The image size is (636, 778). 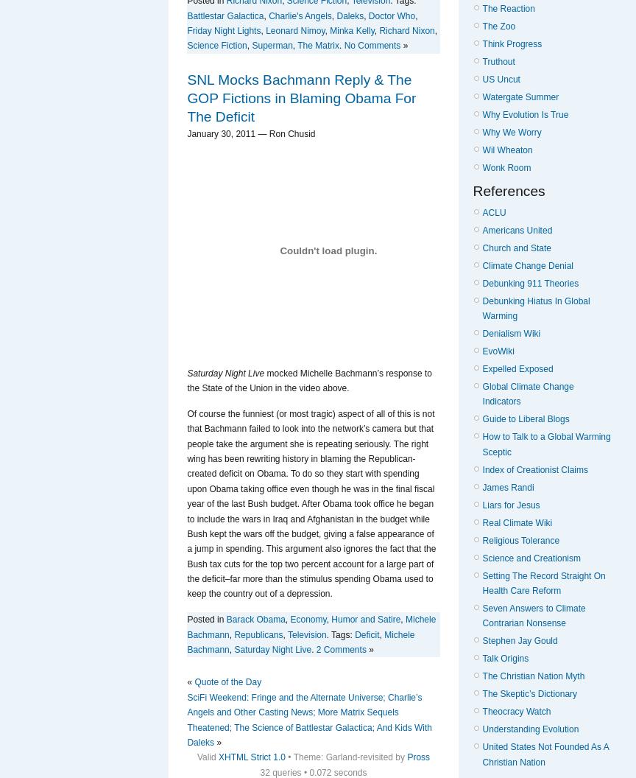 I want to click on 'Think Progress', so click(x=512, y=43).